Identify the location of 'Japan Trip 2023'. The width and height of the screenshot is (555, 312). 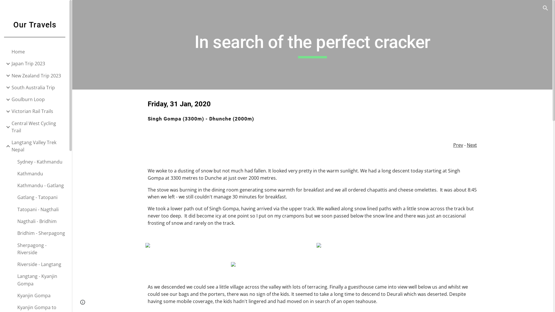
(38, 64).